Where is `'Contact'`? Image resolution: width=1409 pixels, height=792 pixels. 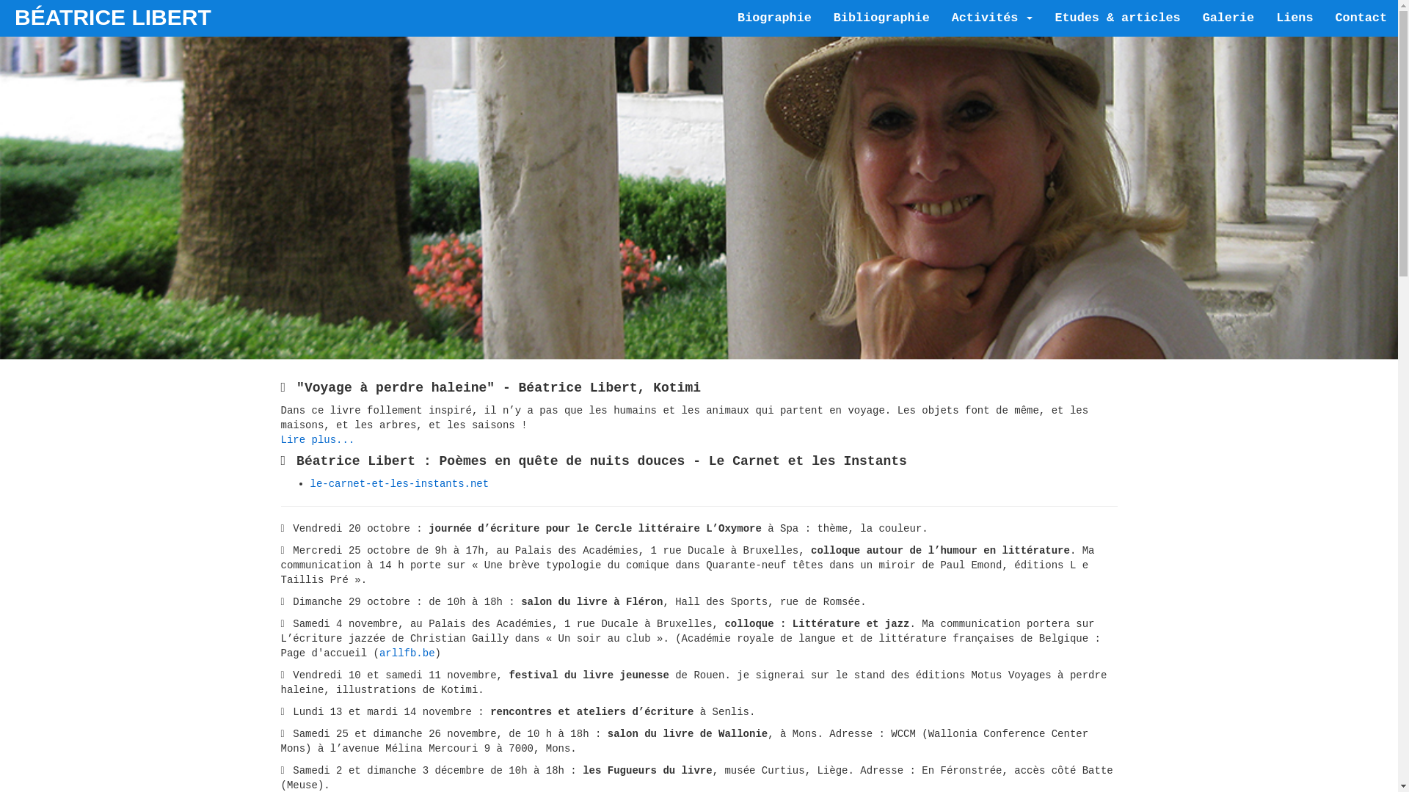 'Contact' is located at coordinates (1360, 18).